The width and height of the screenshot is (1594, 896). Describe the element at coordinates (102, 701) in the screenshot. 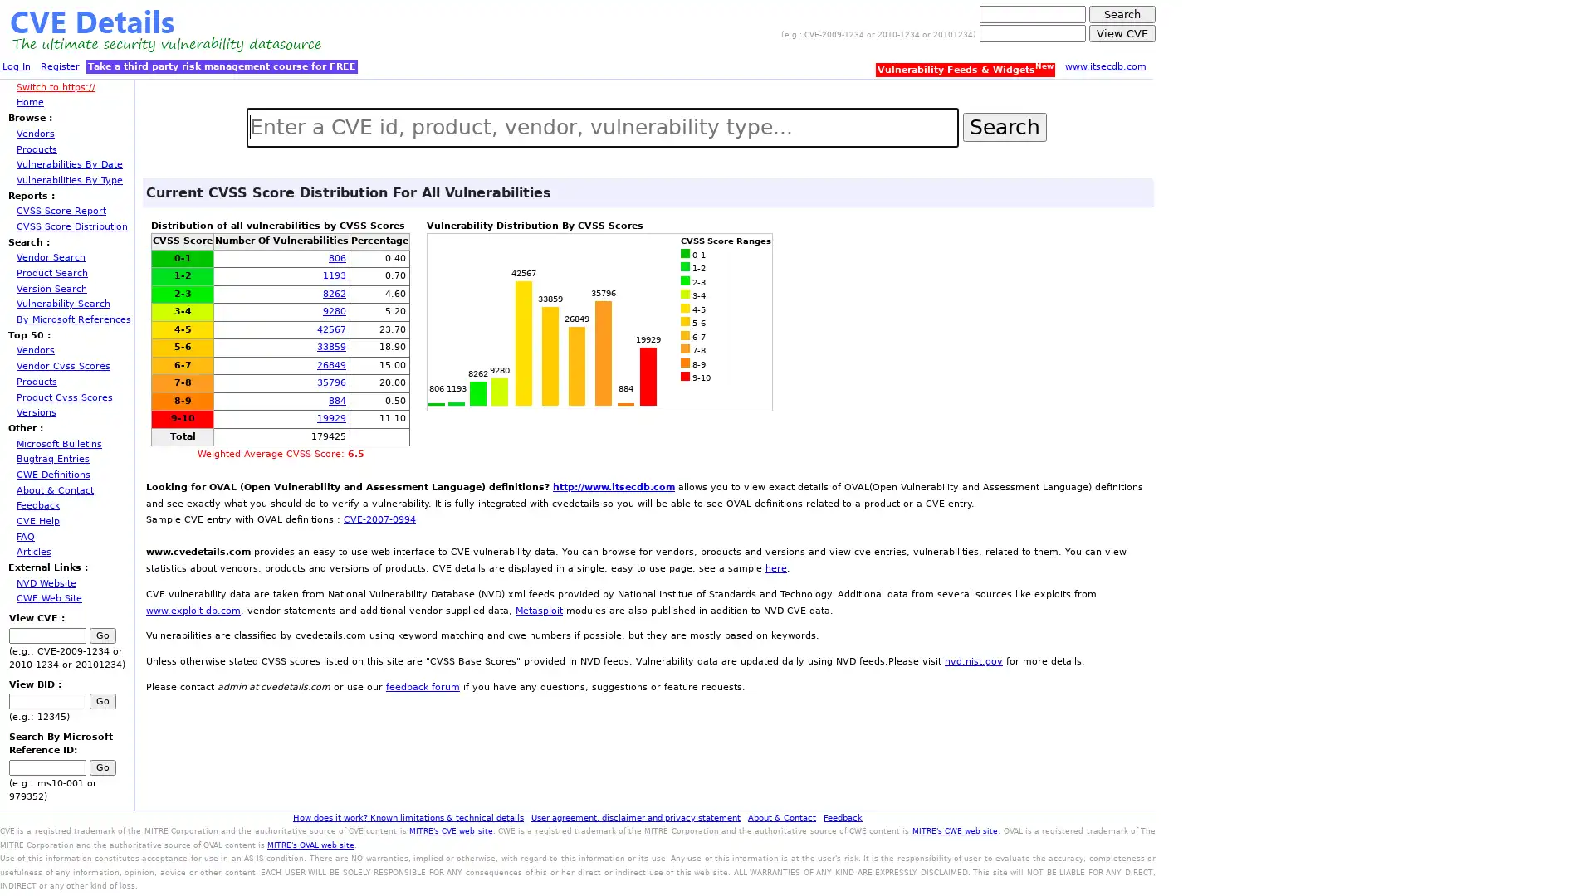

I see `Go` at that location.